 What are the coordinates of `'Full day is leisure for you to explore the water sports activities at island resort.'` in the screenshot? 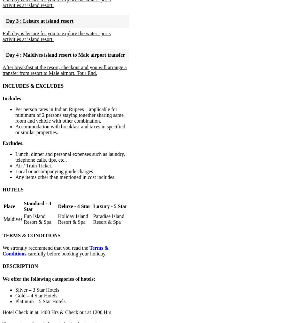 It's located at (2, 36).